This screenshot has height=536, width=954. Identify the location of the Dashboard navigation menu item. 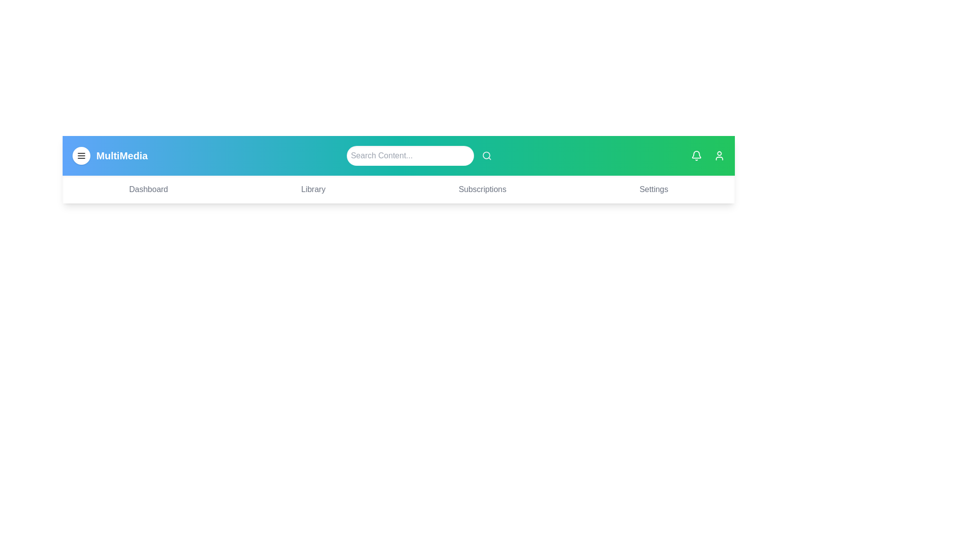
(148, 189).